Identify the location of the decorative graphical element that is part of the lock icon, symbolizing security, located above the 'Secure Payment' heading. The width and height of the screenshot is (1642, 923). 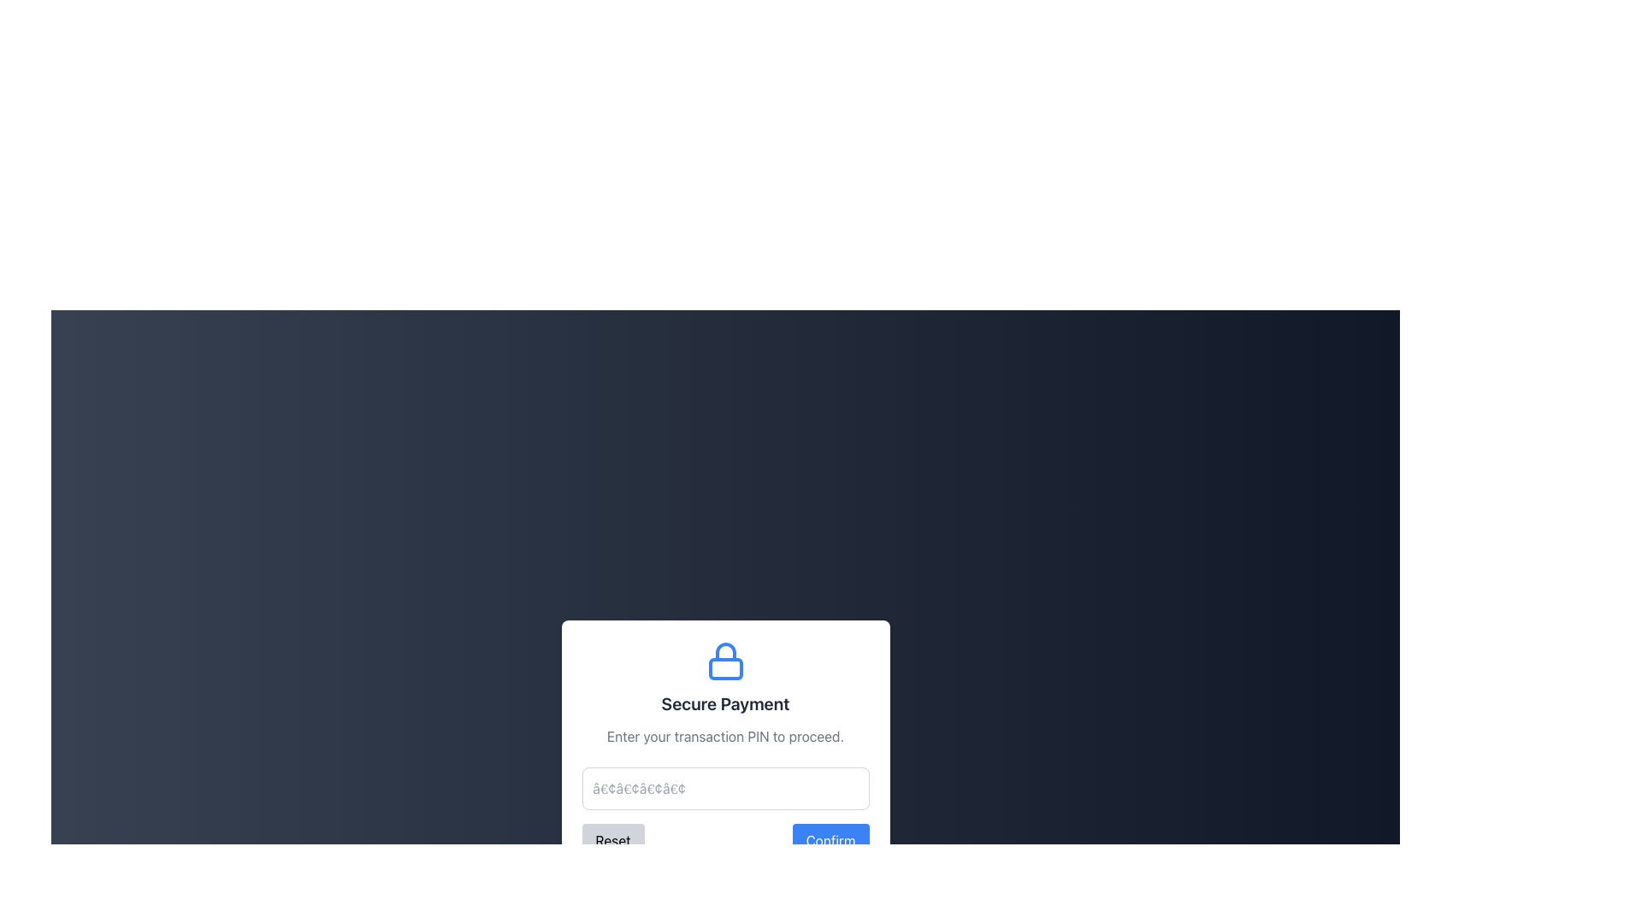
(725, 668).